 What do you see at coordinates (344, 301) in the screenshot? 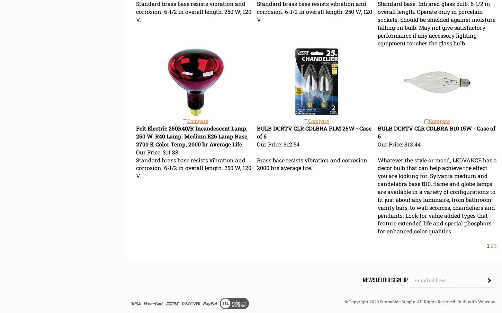
I see `'© Copyright'` at bounding box center [344, 301].